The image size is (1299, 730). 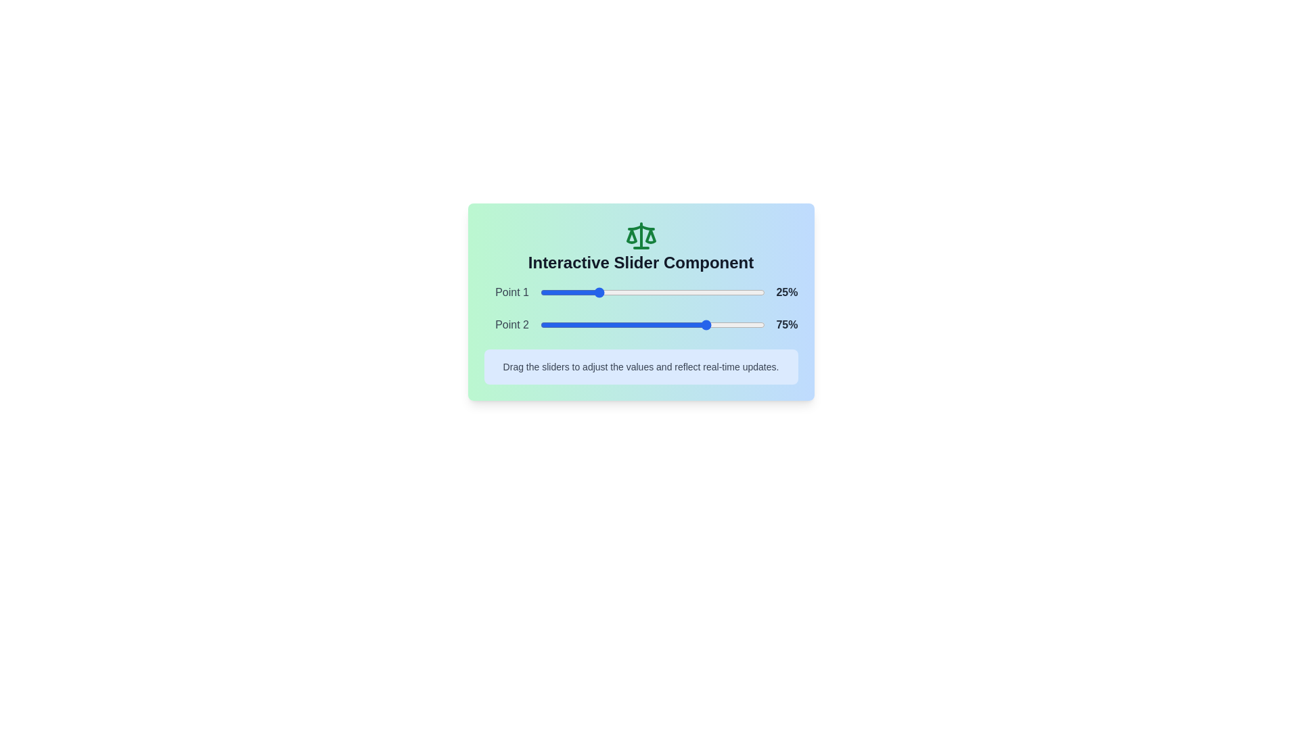 What do you see at coordinates (668, 291) in the screenshot?
I see `the slider handle to set the value to 57% for slider 1` at bounding box center [668, 291].